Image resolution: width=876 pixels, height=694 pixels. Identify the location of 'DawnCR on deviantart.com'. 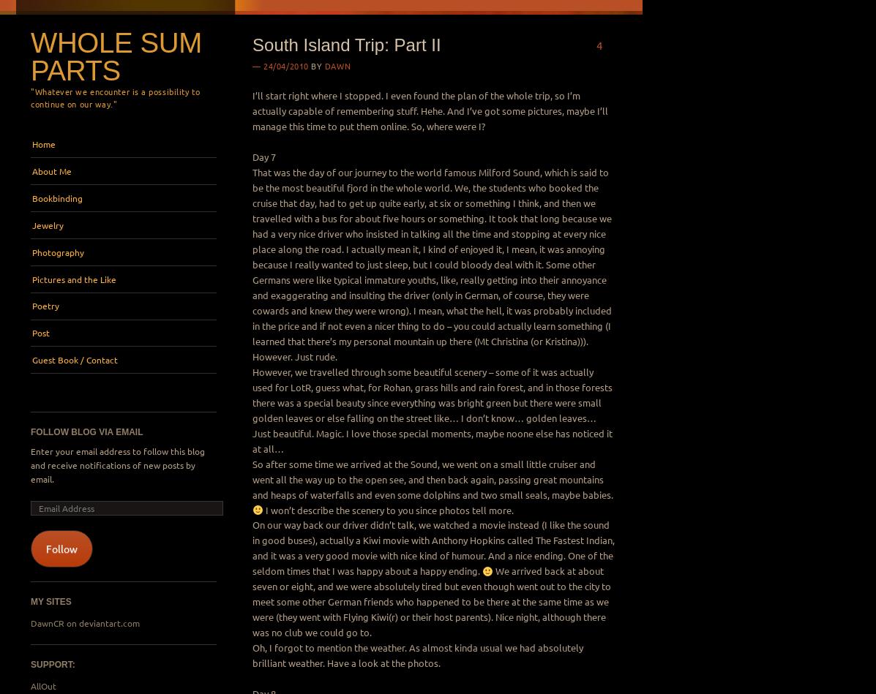
(83, 622).